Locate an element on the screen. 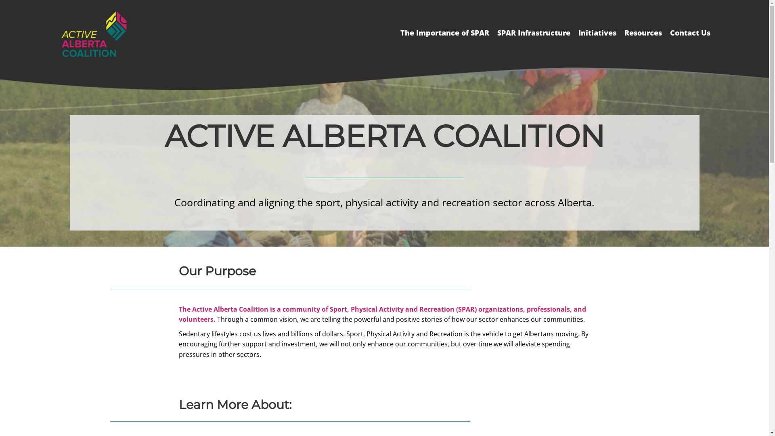 The image size is (775, 436). 'SPAR Infrastructure' is located at coordinates (534, 32).